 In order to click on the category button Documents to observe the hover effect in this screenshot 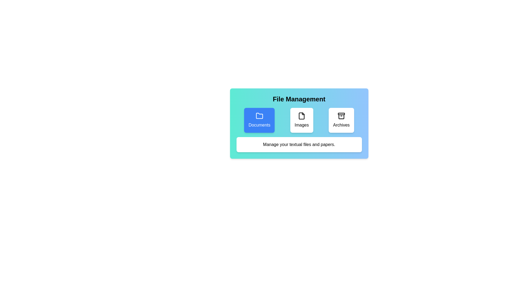, I will do `click(259, 120)`.